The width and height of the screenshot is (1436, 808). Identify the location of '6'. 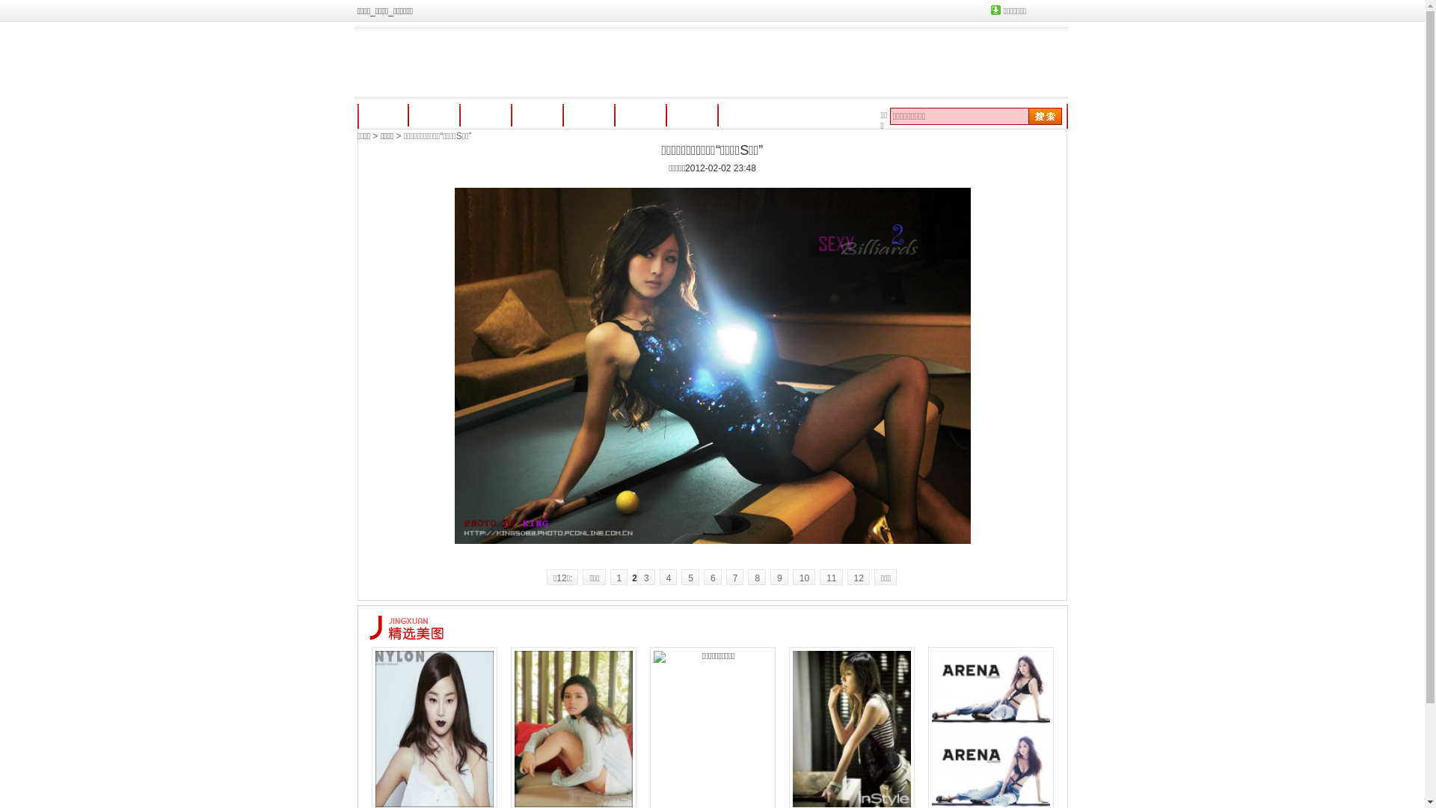
(712, 576).